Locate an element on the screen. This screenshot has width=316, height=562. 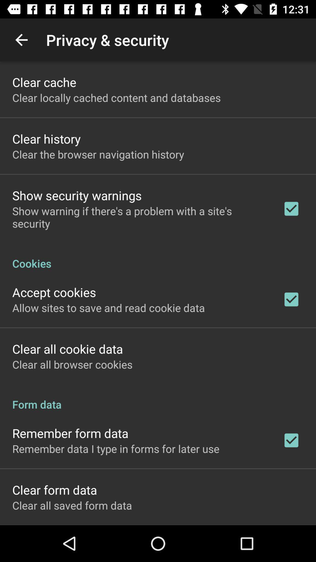
show warning if is located at coordinates (140, 217).